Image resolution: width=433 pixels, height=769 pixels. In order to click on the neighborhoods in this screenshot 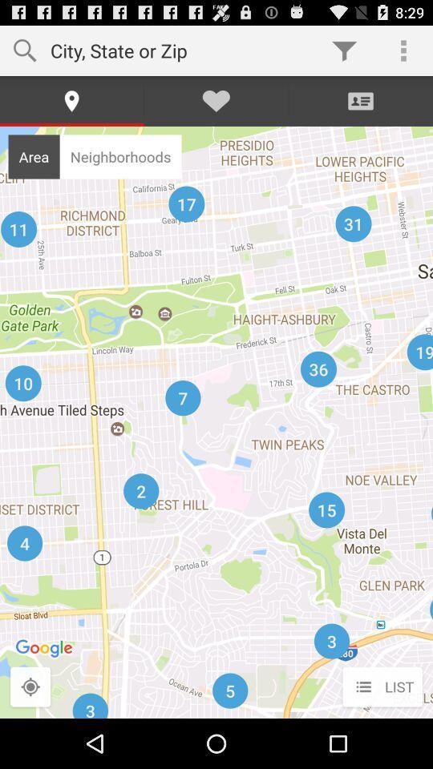, I will do `click(119, 156)`.